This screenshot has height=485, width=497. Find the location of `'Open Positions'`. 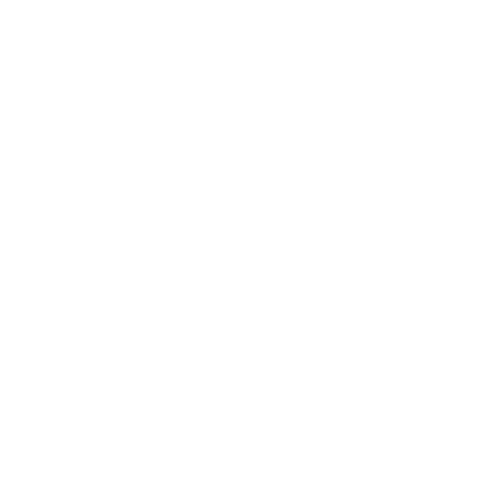

'Open Positions' is located at coordinates (32, 266).